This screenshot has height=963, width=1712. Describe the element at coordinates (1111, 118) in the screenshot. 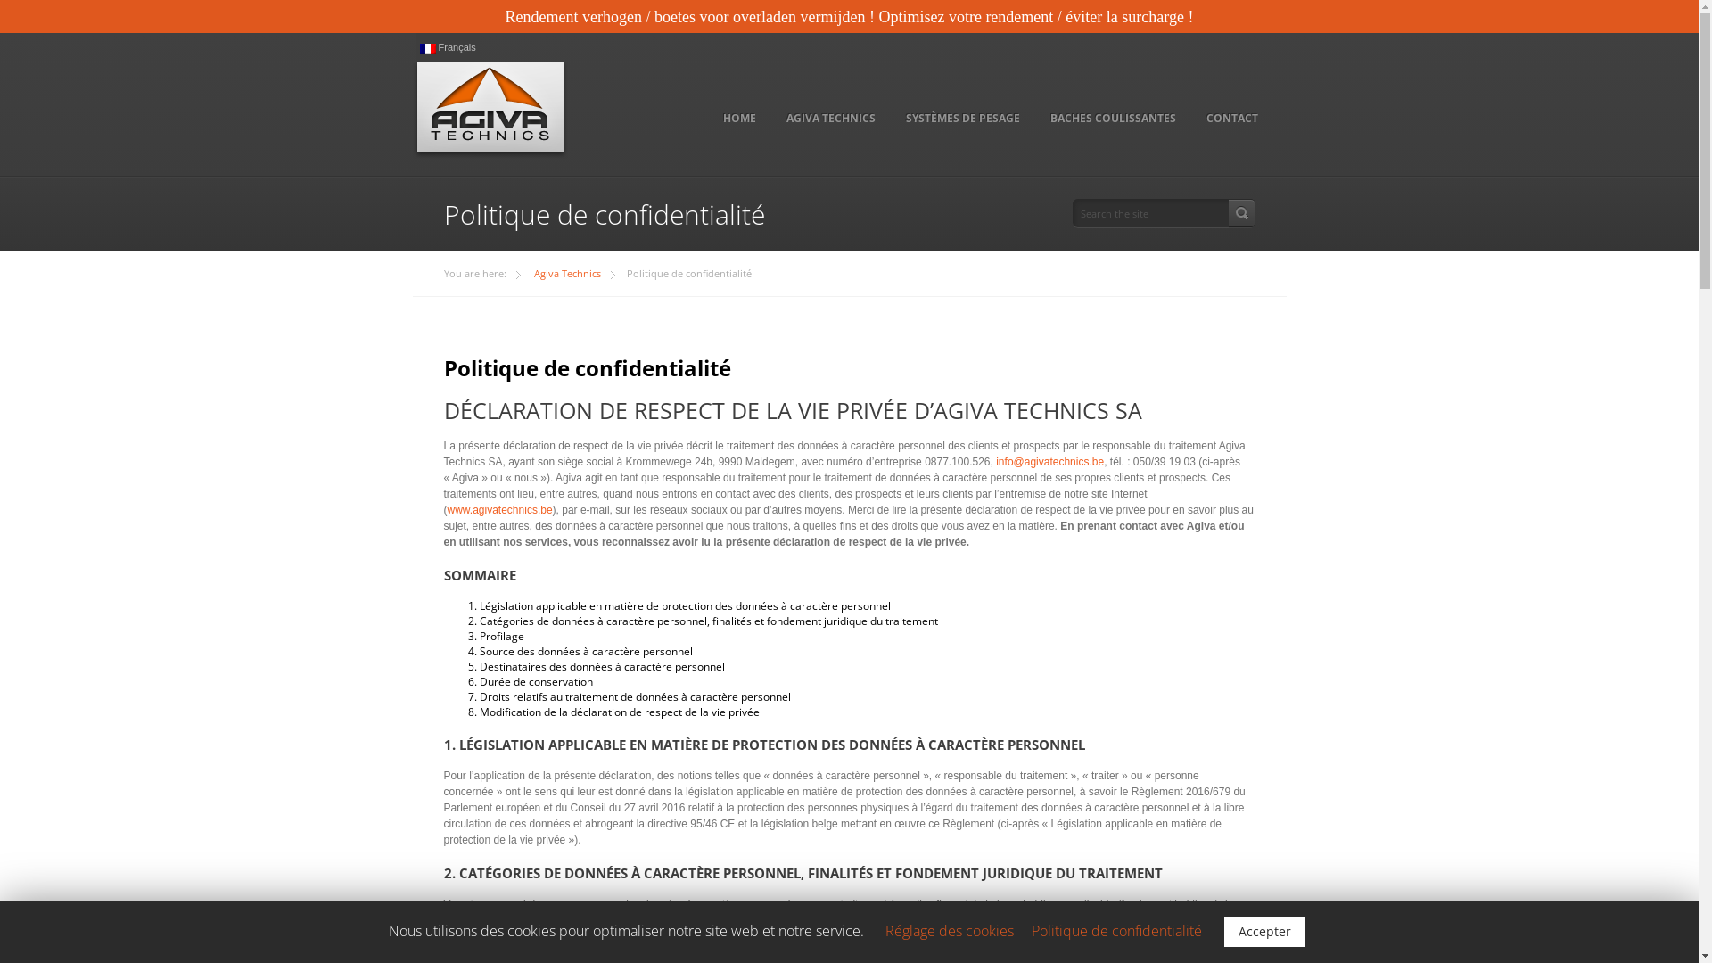

I see `'BACHES COULISSANTES'` at that location.